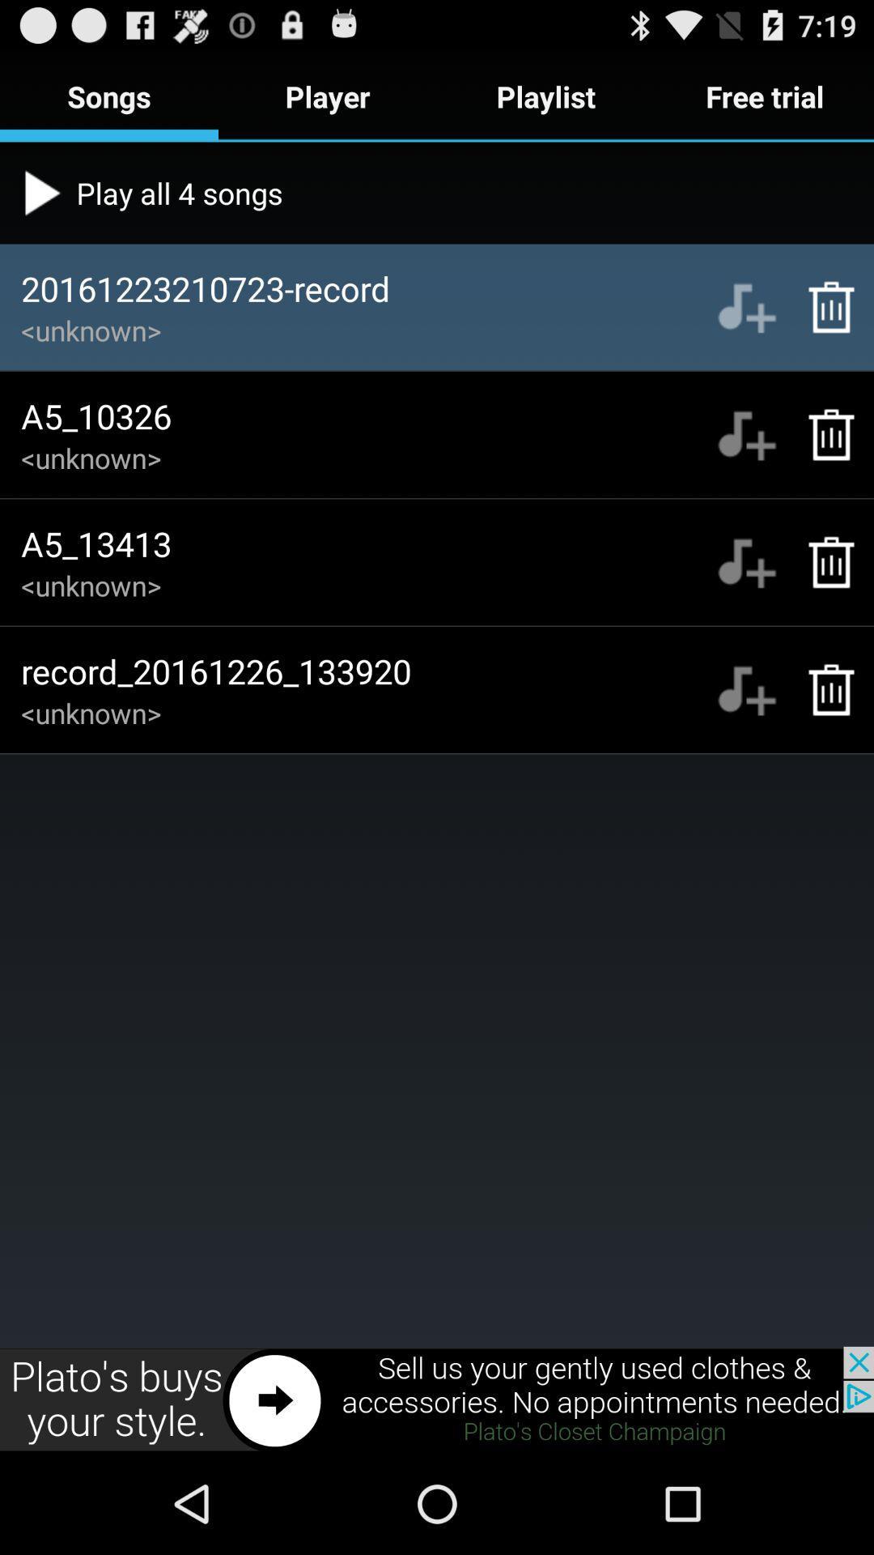  Describe the element at coordinates (823, 307) in the screenshot. I see `delete the song` at that location.